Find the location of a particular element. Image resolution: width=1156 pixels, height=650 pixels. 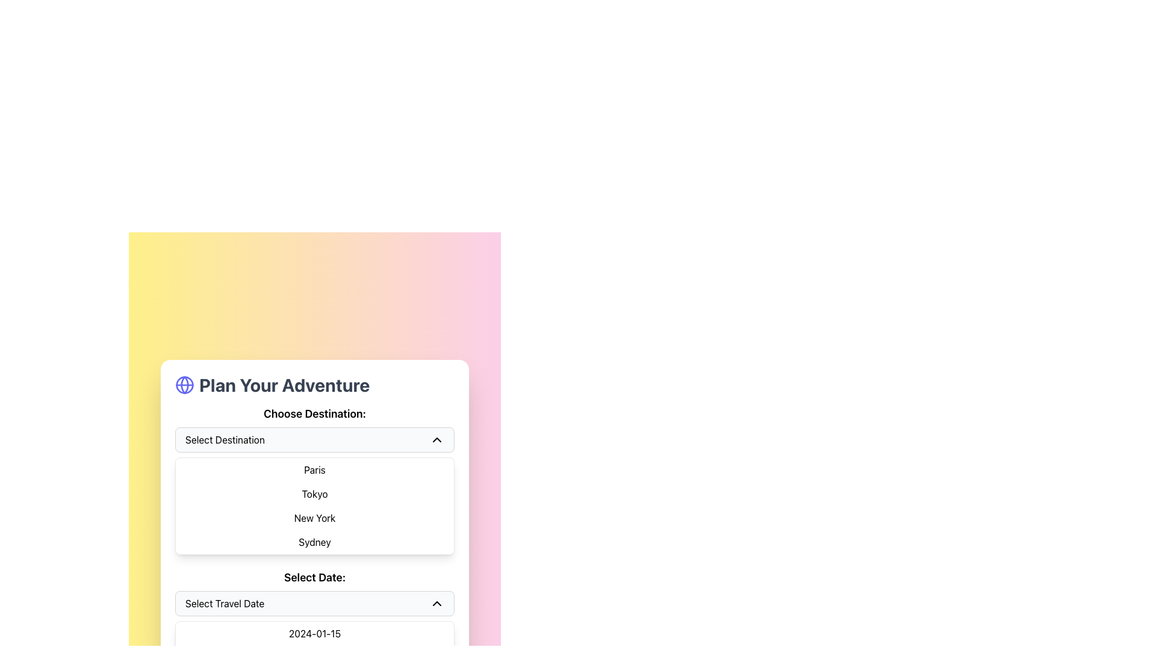

the Dropdown button for selecting a travel date via keyboard navigation is located at coordinates (315, 603).